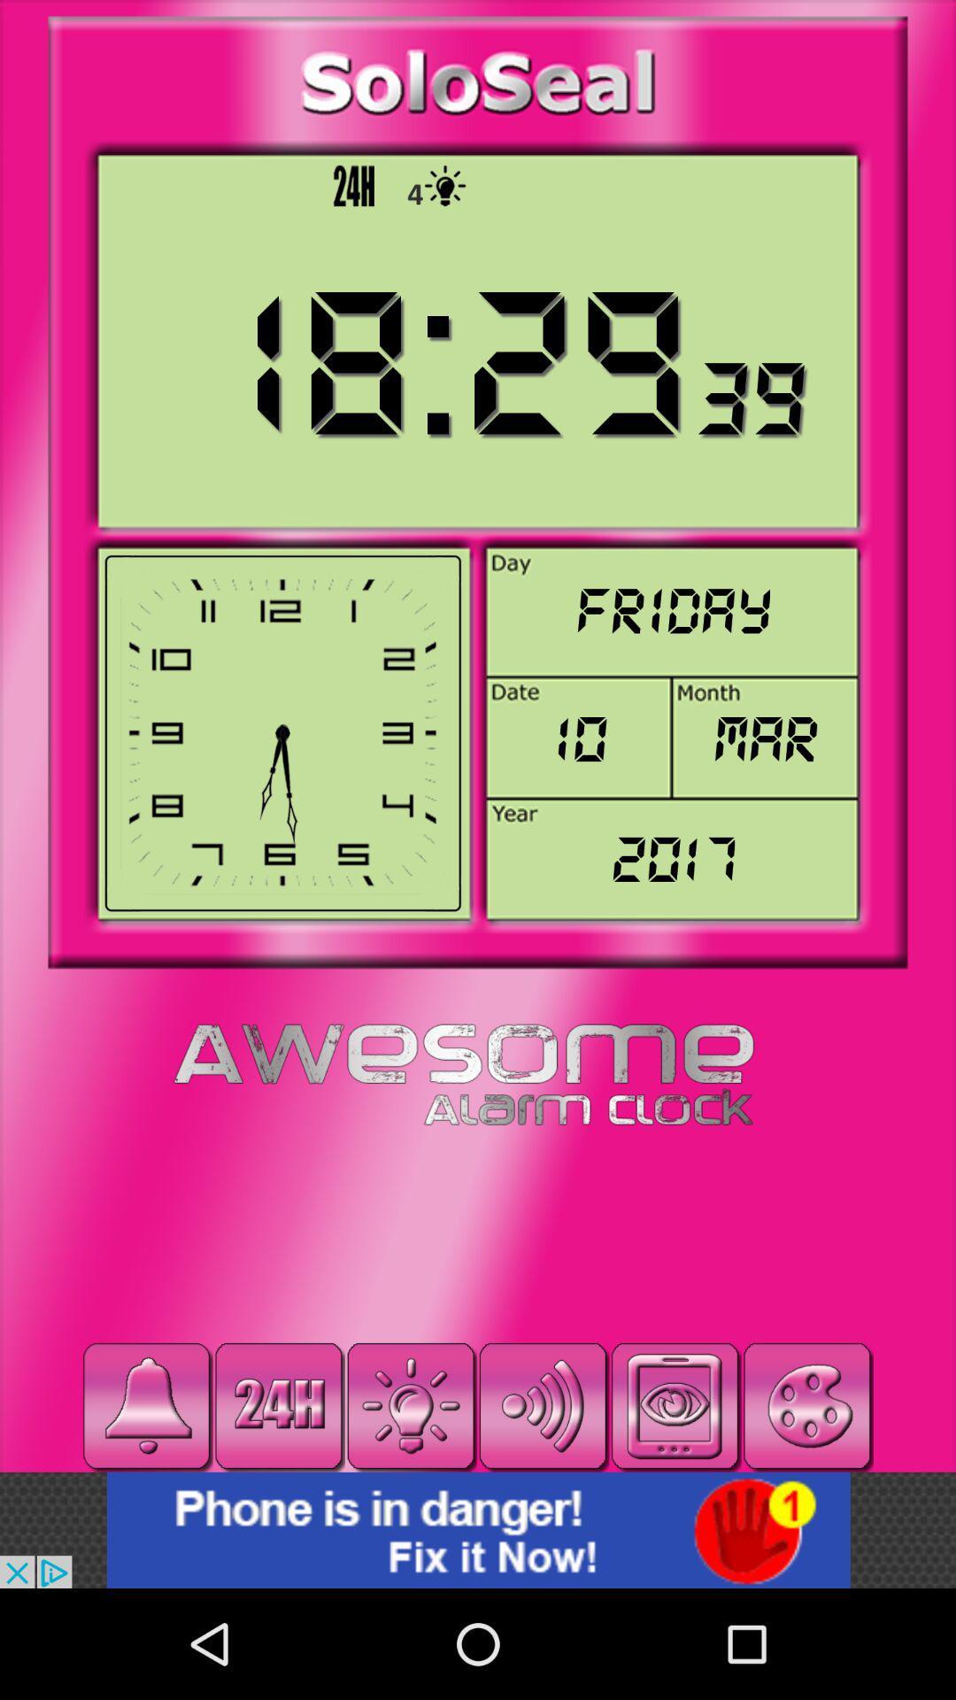 This screenshot has height=1700, width=956. I want to click on visited the advertised site/app, so click(478, 1529).